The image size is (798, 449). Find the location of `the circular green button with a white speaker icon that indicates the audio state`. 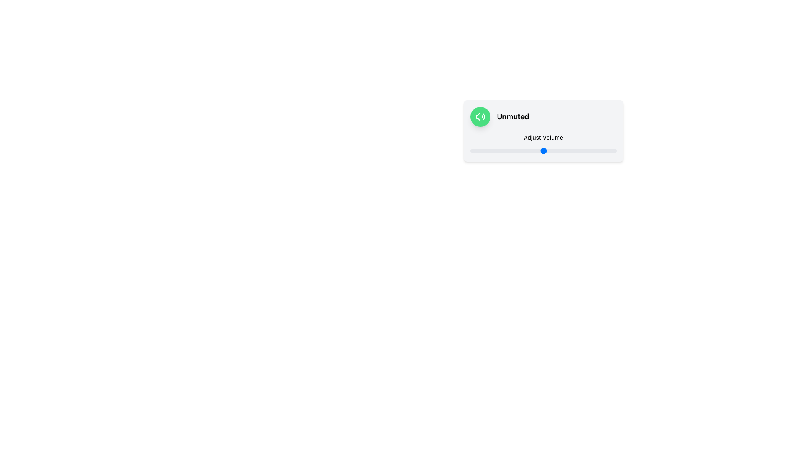

the circular green button with a white speaker icon that indicates the audio state is located at coordinates (480, 117).